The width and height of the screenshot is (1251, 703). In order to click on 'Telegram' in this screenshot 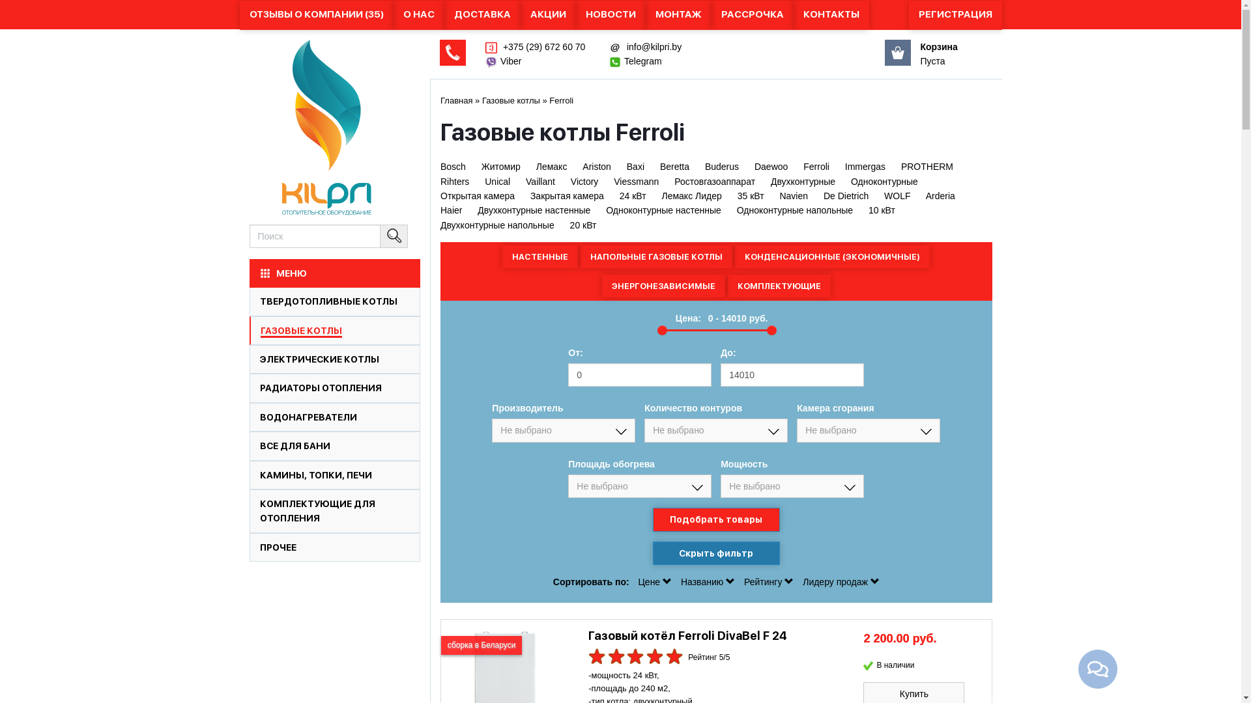, I will do `click(643, 61)`.